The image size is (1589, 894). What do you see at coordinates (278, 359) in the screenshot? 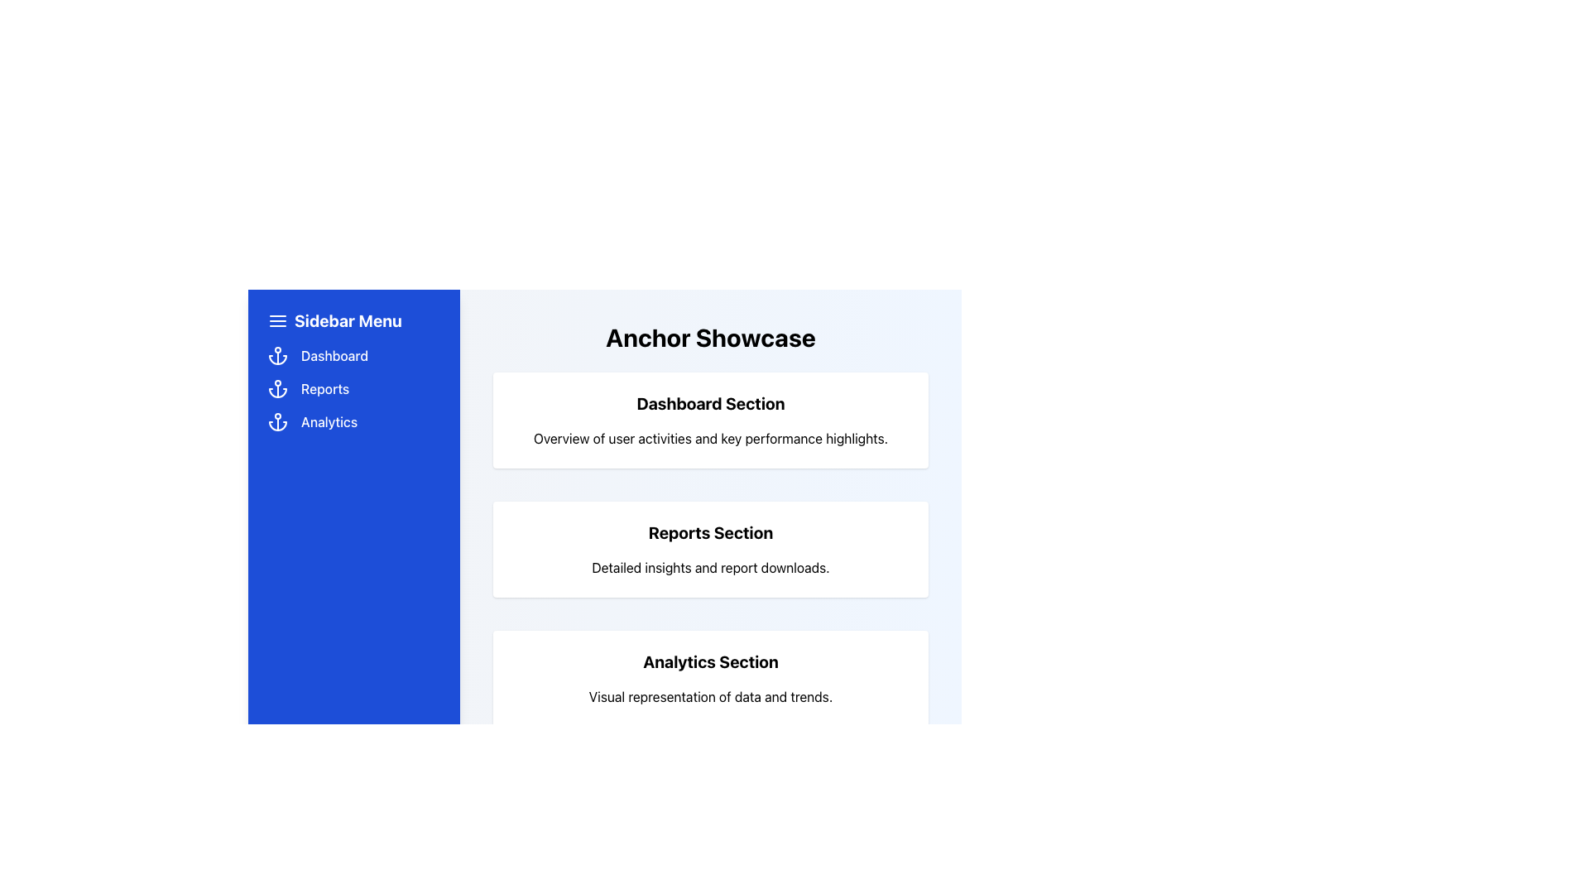
I see `the curved horizontal stroke of the anchor-shaped icon in the upper-left Sidebar Menu, located adjacent to the 'Dashboard' option` at bounding box center [278, 359].